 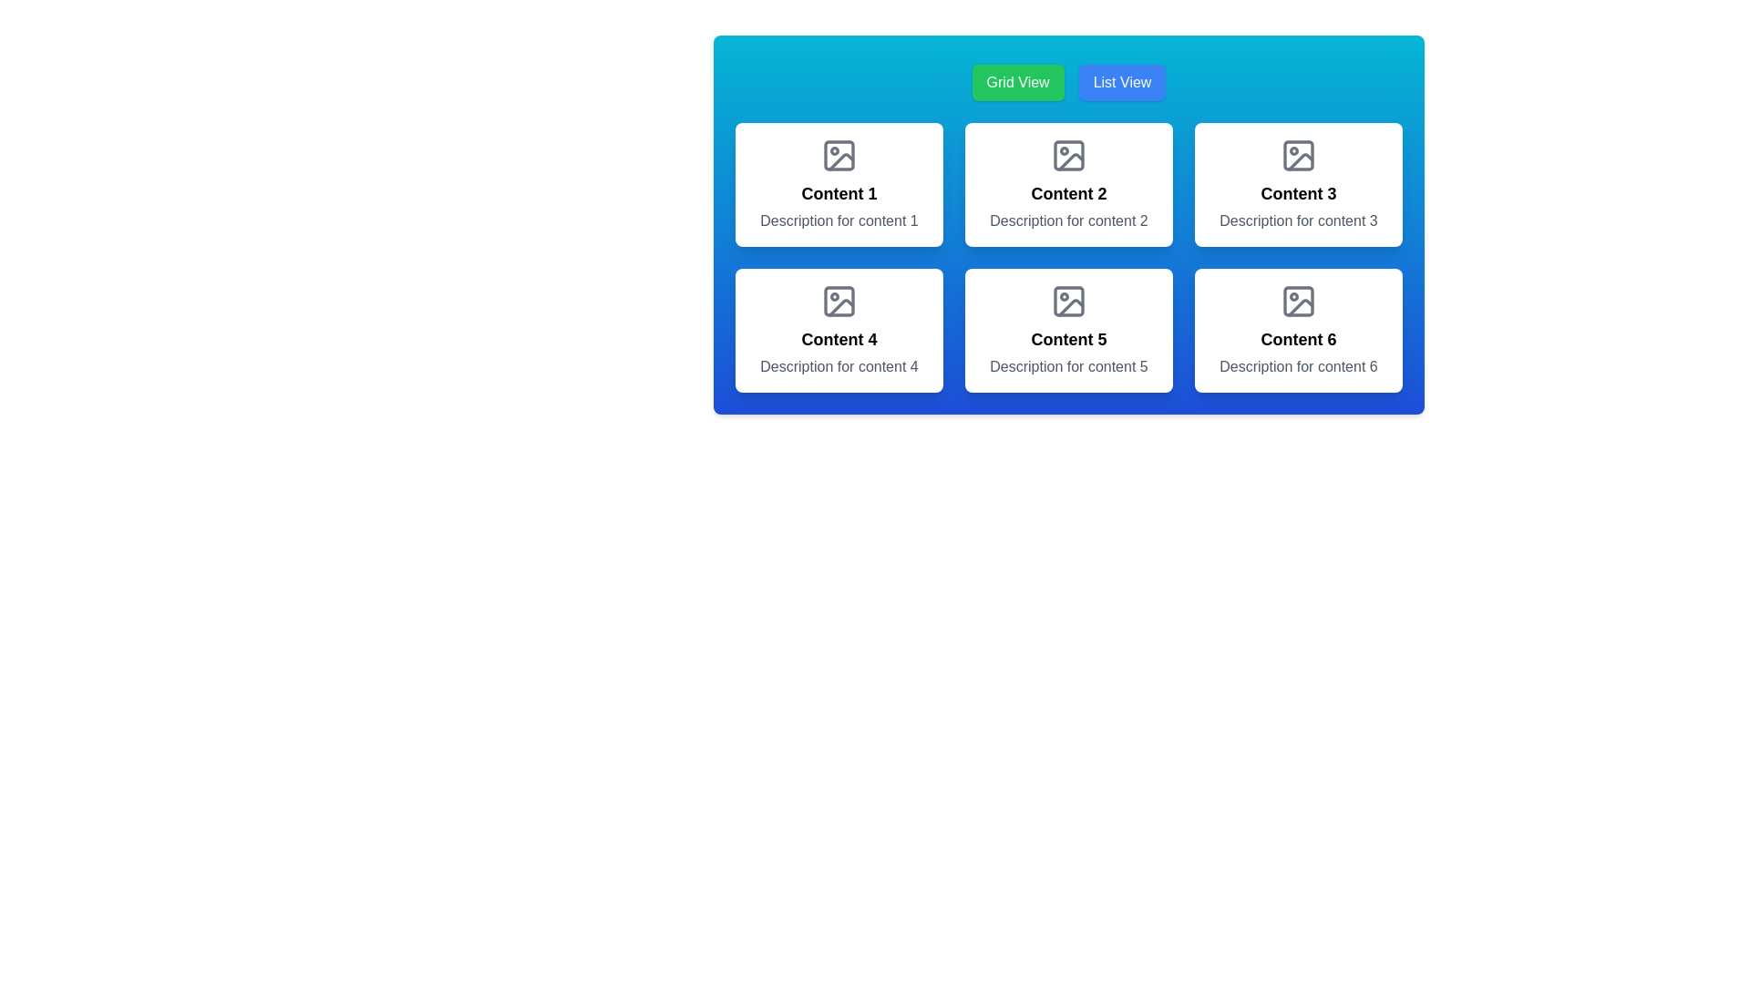 I want to click on the icon resembling a picture frame with a mountain and sun, located in the card labeled 'Content 4', positioned in the second row, first column of a grid layout, so click(x=839, y=301).